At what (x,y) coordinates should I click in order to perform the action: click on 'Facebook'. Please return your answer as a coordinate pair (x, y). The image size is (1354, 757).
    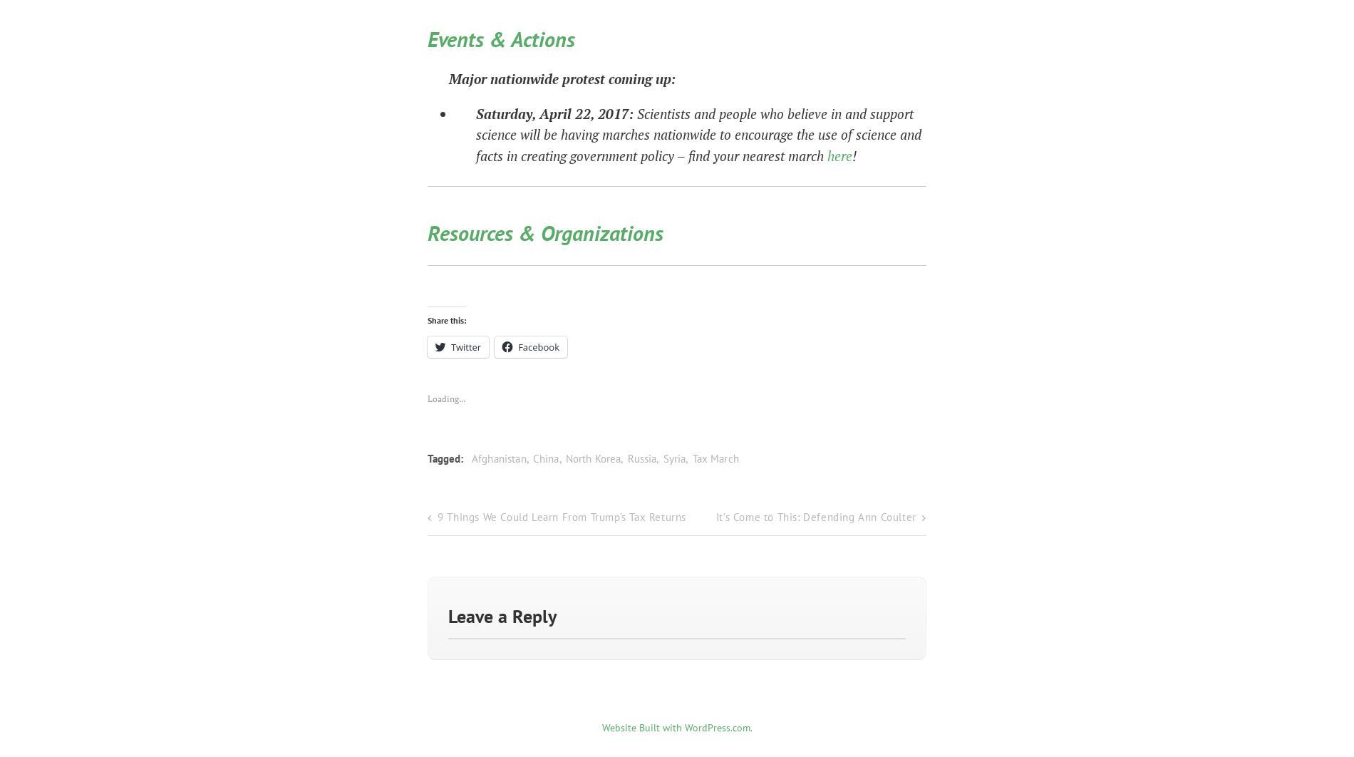
    Looking at the image, I should click on (517, 345).